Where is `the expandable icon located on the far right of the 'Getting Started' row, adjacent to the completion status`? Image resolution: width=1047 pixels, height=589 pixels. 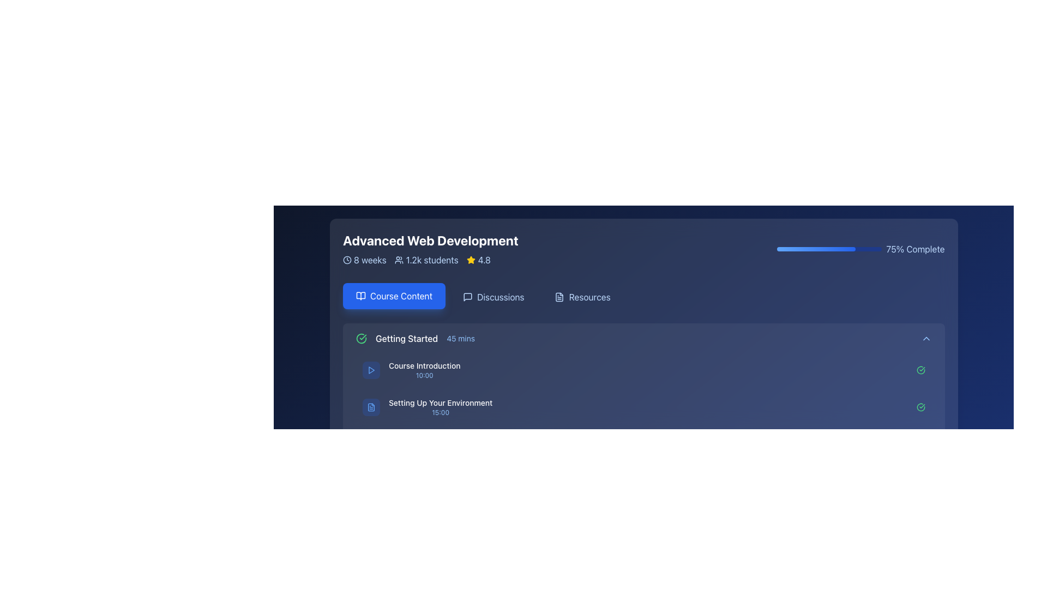
the expandable icon located on the far right of the 'Getting Started' row, adjacent to the completion status is located at coordinates (925, 338).